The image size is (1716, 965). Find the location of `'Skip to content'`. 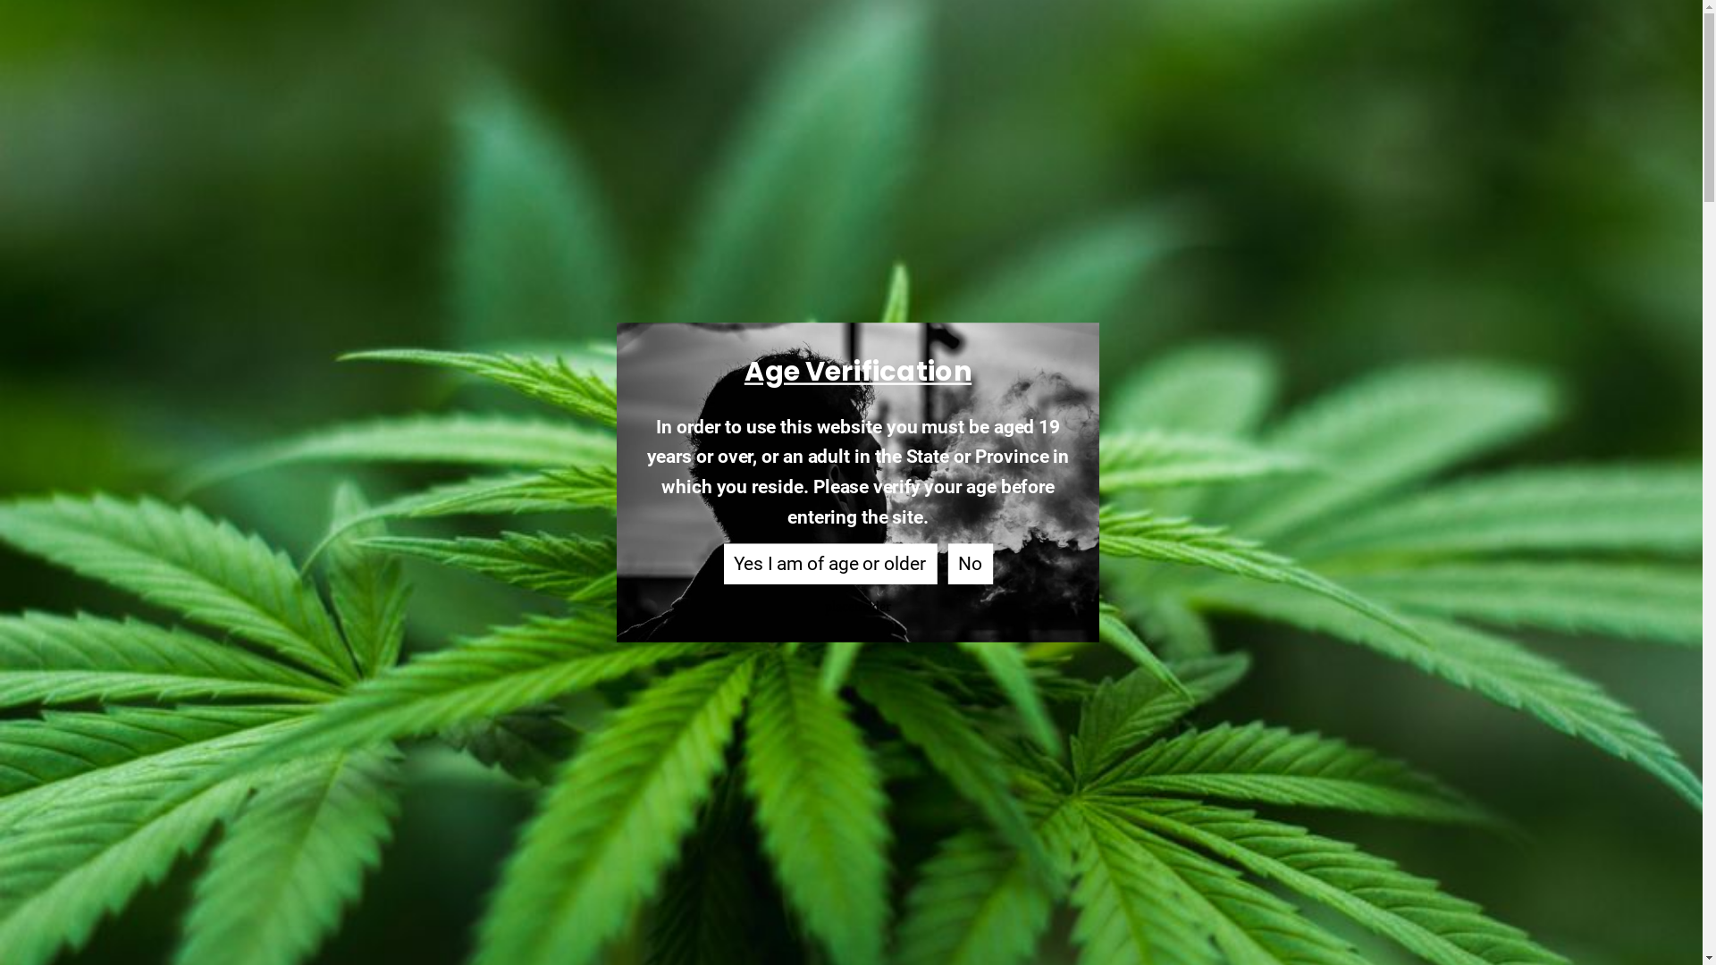

'Skip to content' is located at coordinates (0, 0).